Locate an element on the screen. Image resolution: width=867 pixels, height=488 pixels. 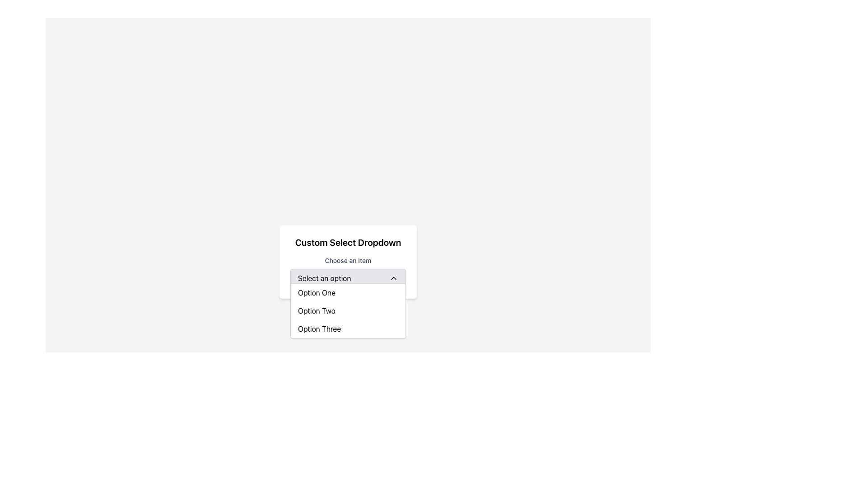
the text label representing 'Option Three' within the dropdown menu is located at coordinates (319, 329).